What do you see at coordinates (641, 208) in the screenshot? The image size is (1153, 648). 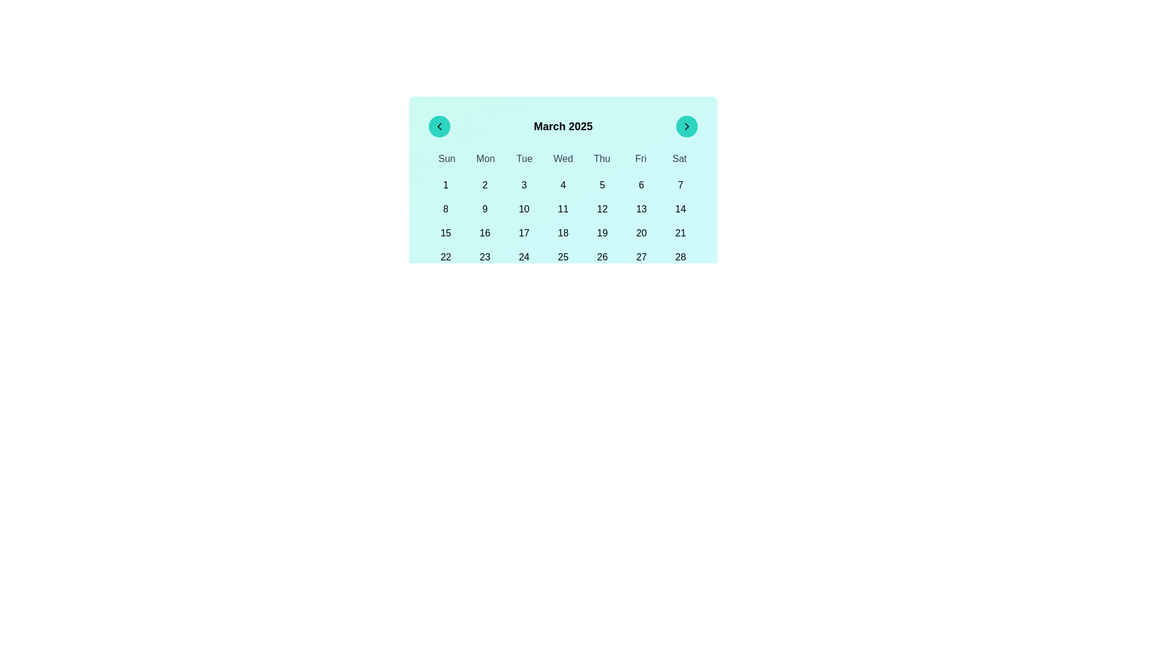 I see `the calendar button displaying the number '13'` at bounding box center [641, 208].